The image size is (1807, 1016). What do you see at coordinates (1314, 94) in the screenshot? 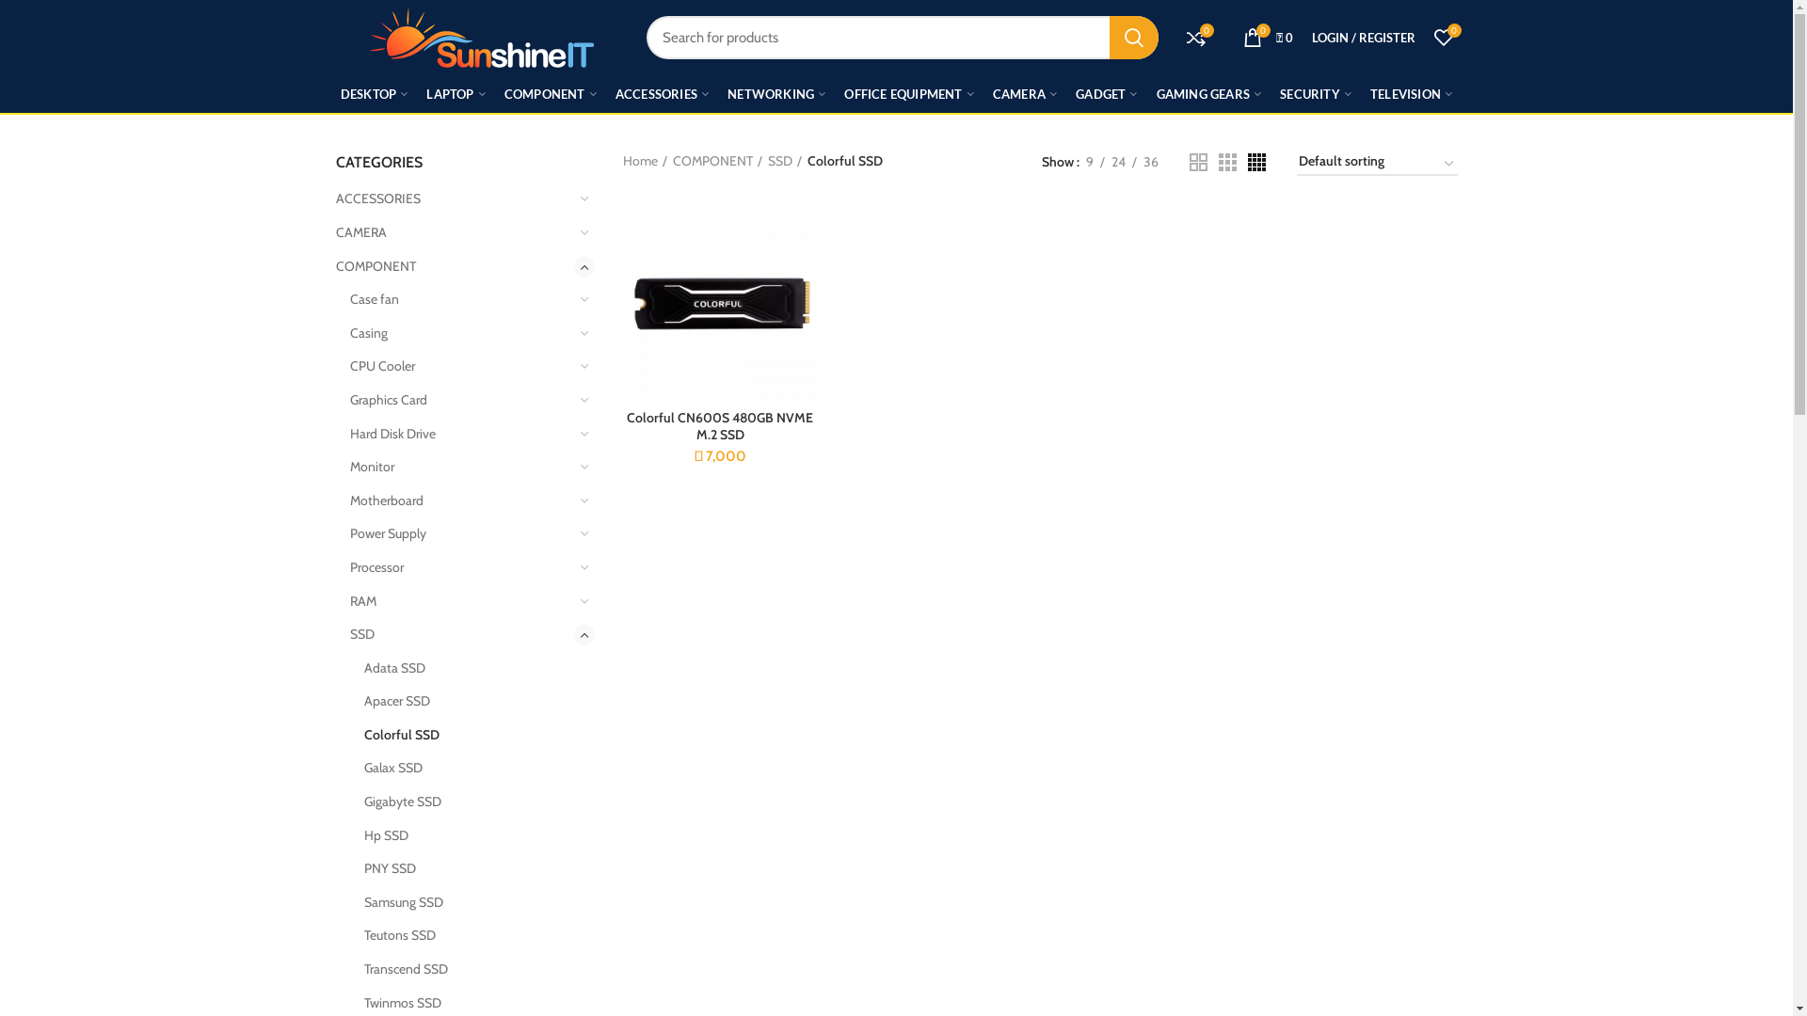
I see `'SECURITY'` at bounding box center [1314, 94].